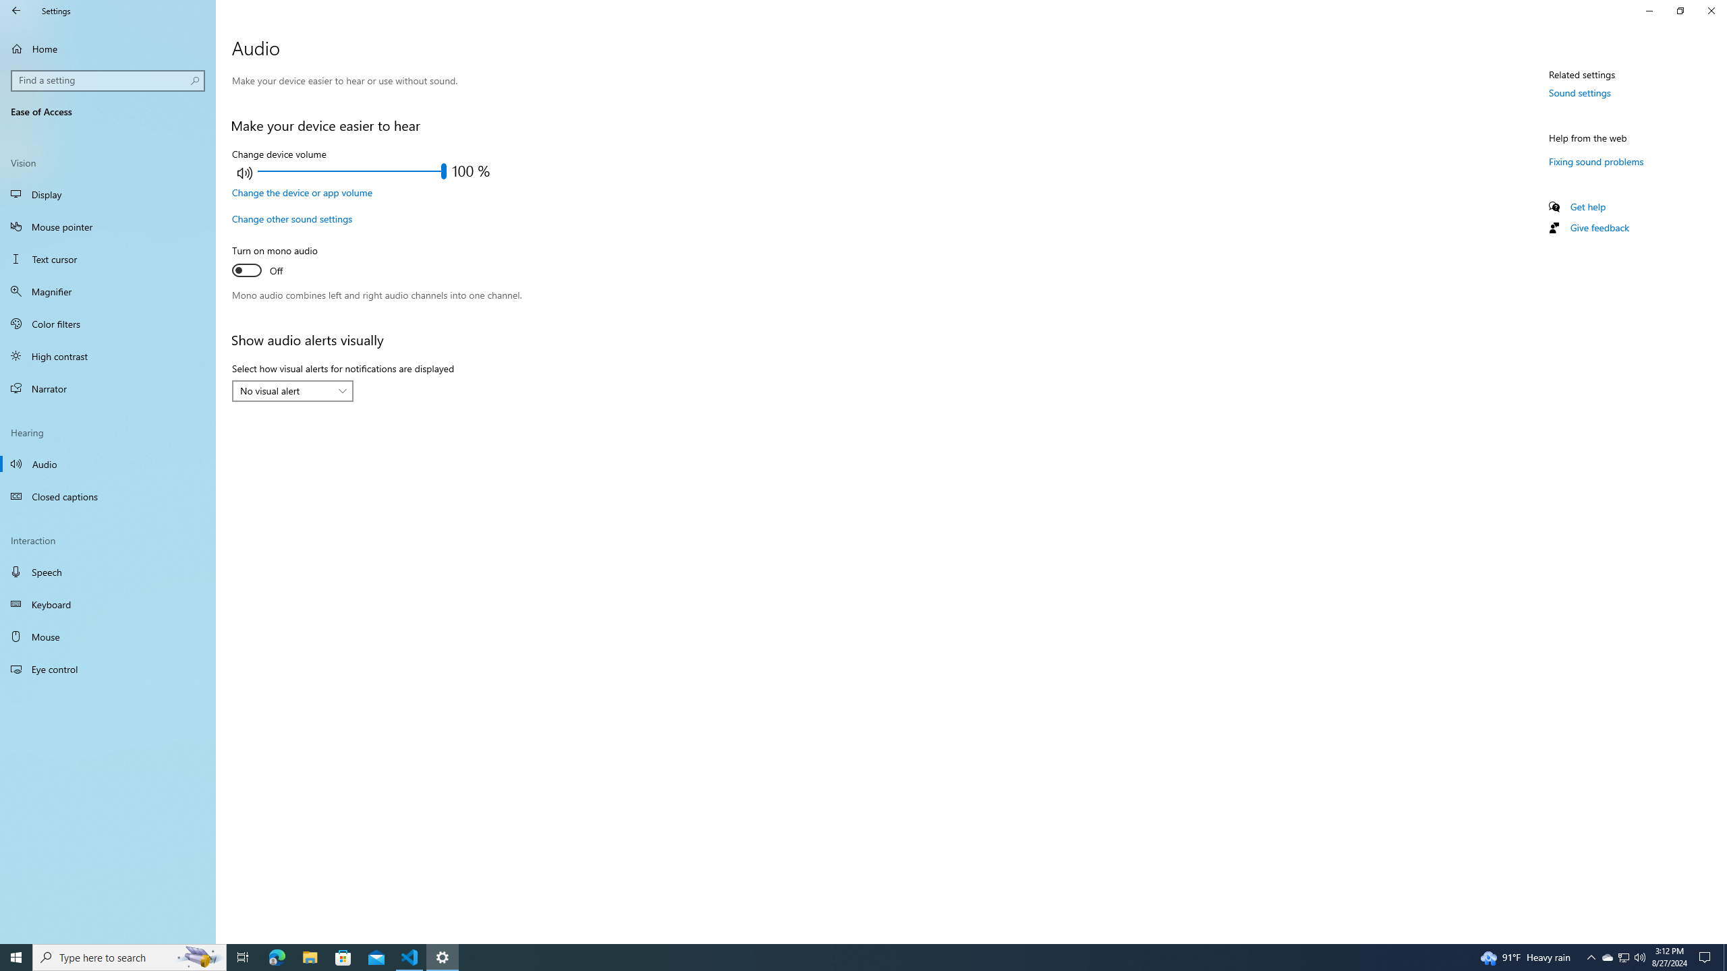 Image resolution: width=1727 pixels, height=971 pixels. Describe the element at coordinates (1680, 10) in the screenshot. I see `'Restore Settings'` at that location.